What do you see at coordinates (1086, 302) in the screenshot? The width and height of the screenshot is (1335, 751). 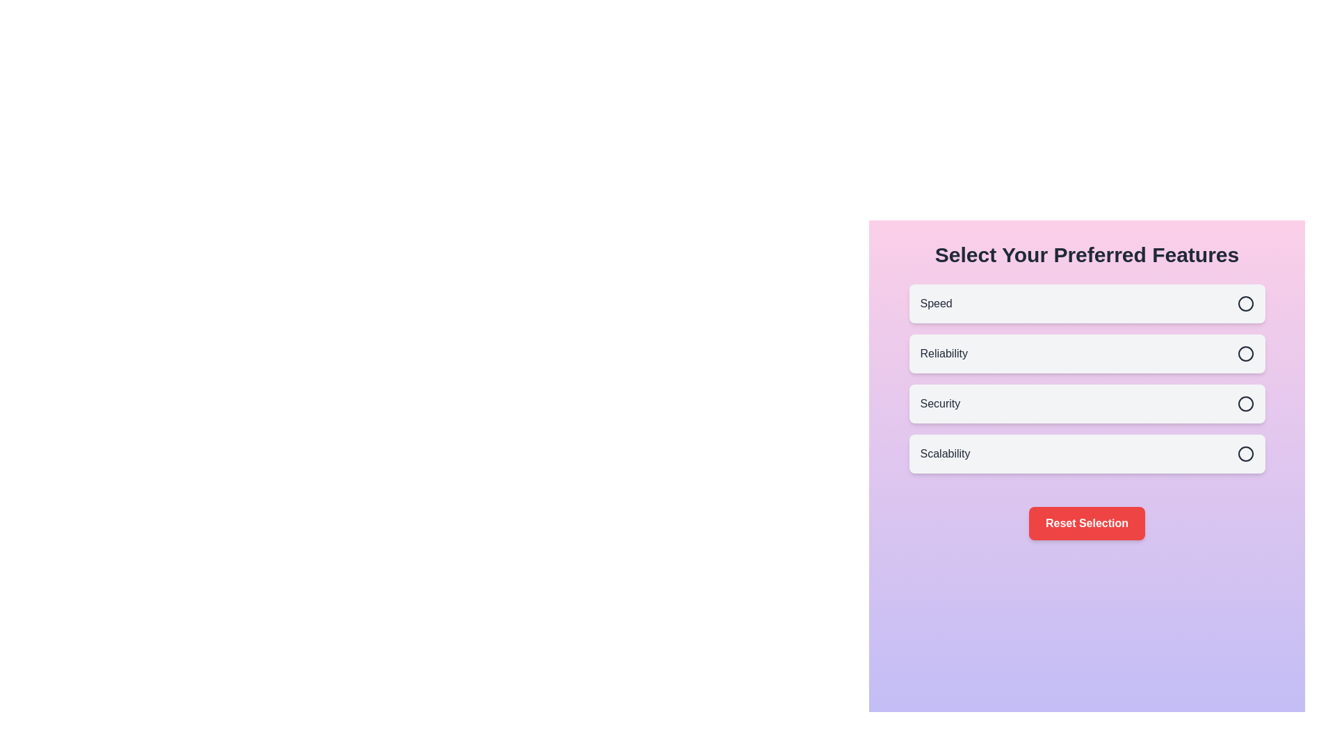 I see `the feature Speed` at bounding box center [1086, 302].